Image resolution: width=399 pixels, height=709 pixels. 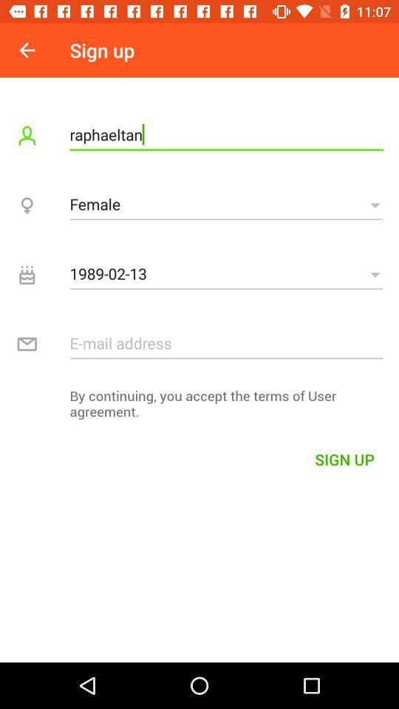 I want to click on by continuing you icon, so click(x=199, y=407).